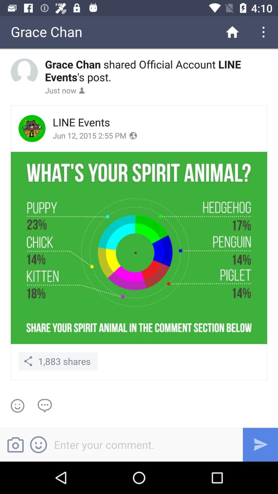 This screenshot has height=494, width=278. What do you see at coordinates (41, 444) in the screenshot?
I see `the emoji icon` at bounding box center [41, 444].